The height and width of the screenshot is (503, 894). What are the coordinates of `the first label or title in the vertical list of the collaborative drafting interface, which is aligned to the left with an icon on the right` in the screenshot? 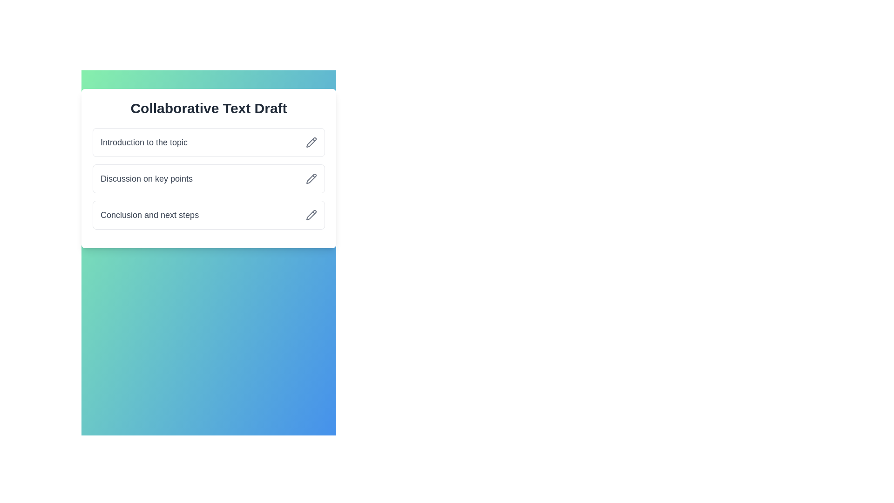 It's located at (143, 142).